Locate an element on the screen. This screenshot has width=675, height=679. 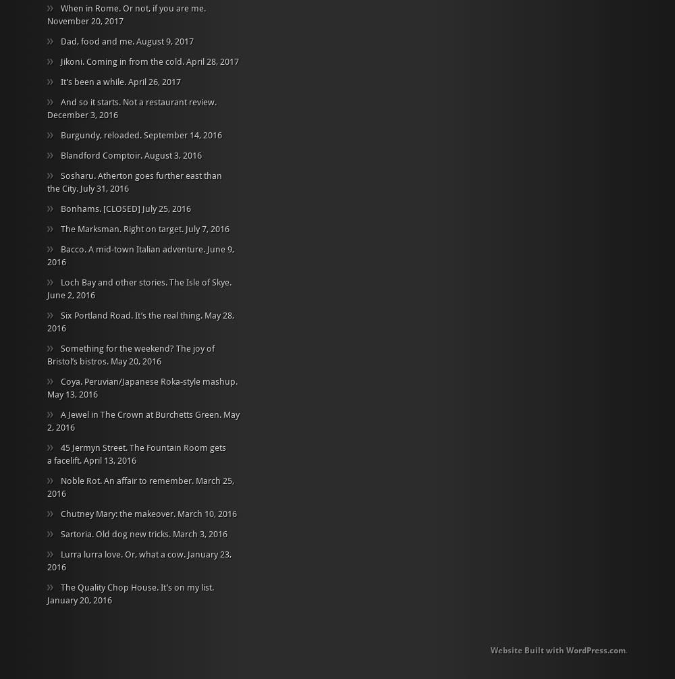
'Lurra lurra love. Or, what a cow.' is located at coordinates (123, 553).